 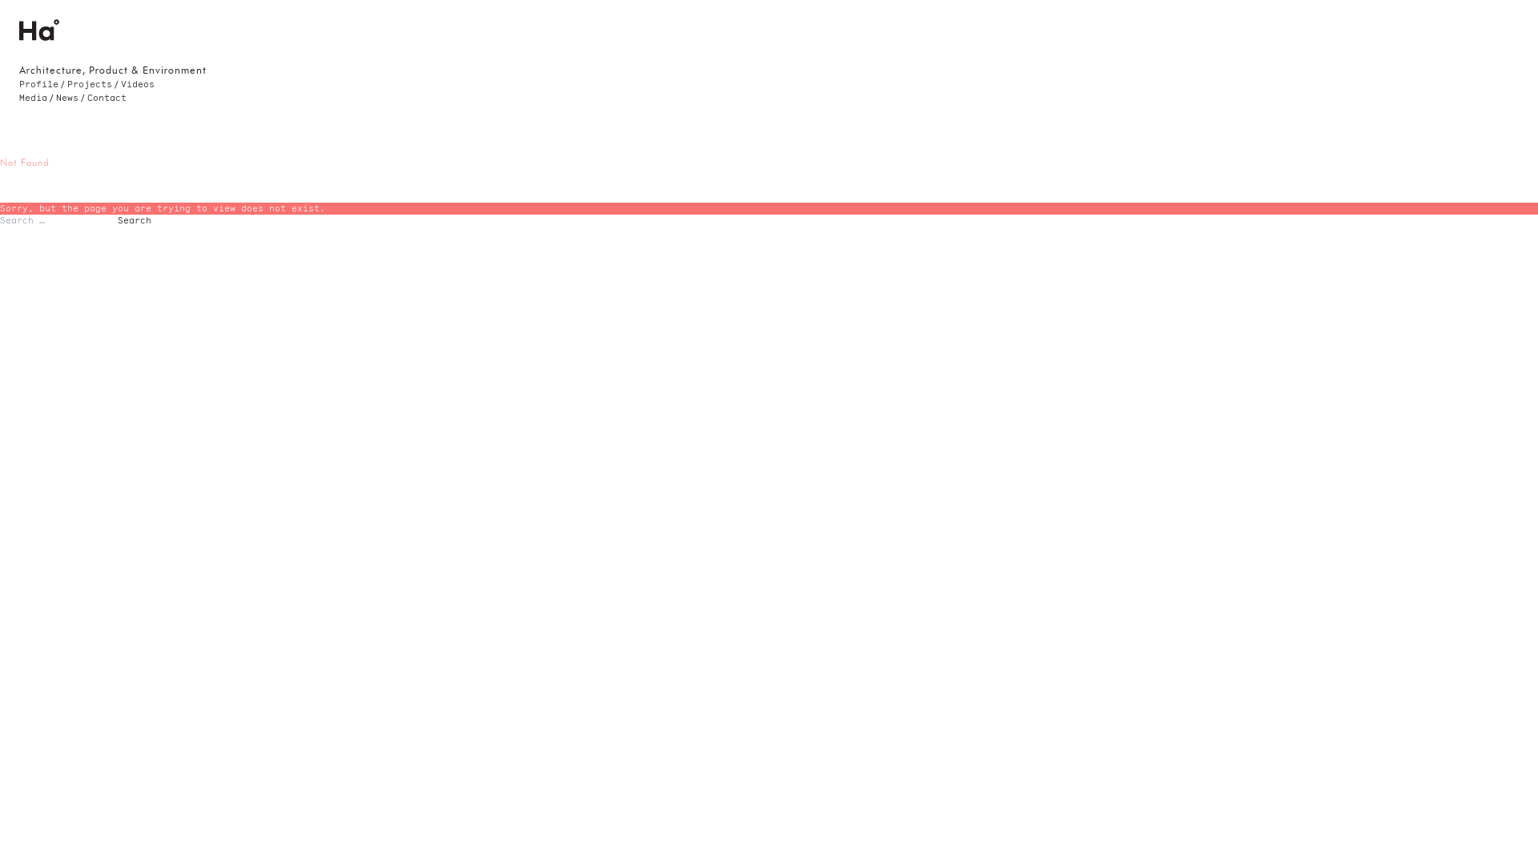 What do you see at coordinates (106, 98) in the screenshot?
I see `'Contact'` at bounding box center [106, 98].